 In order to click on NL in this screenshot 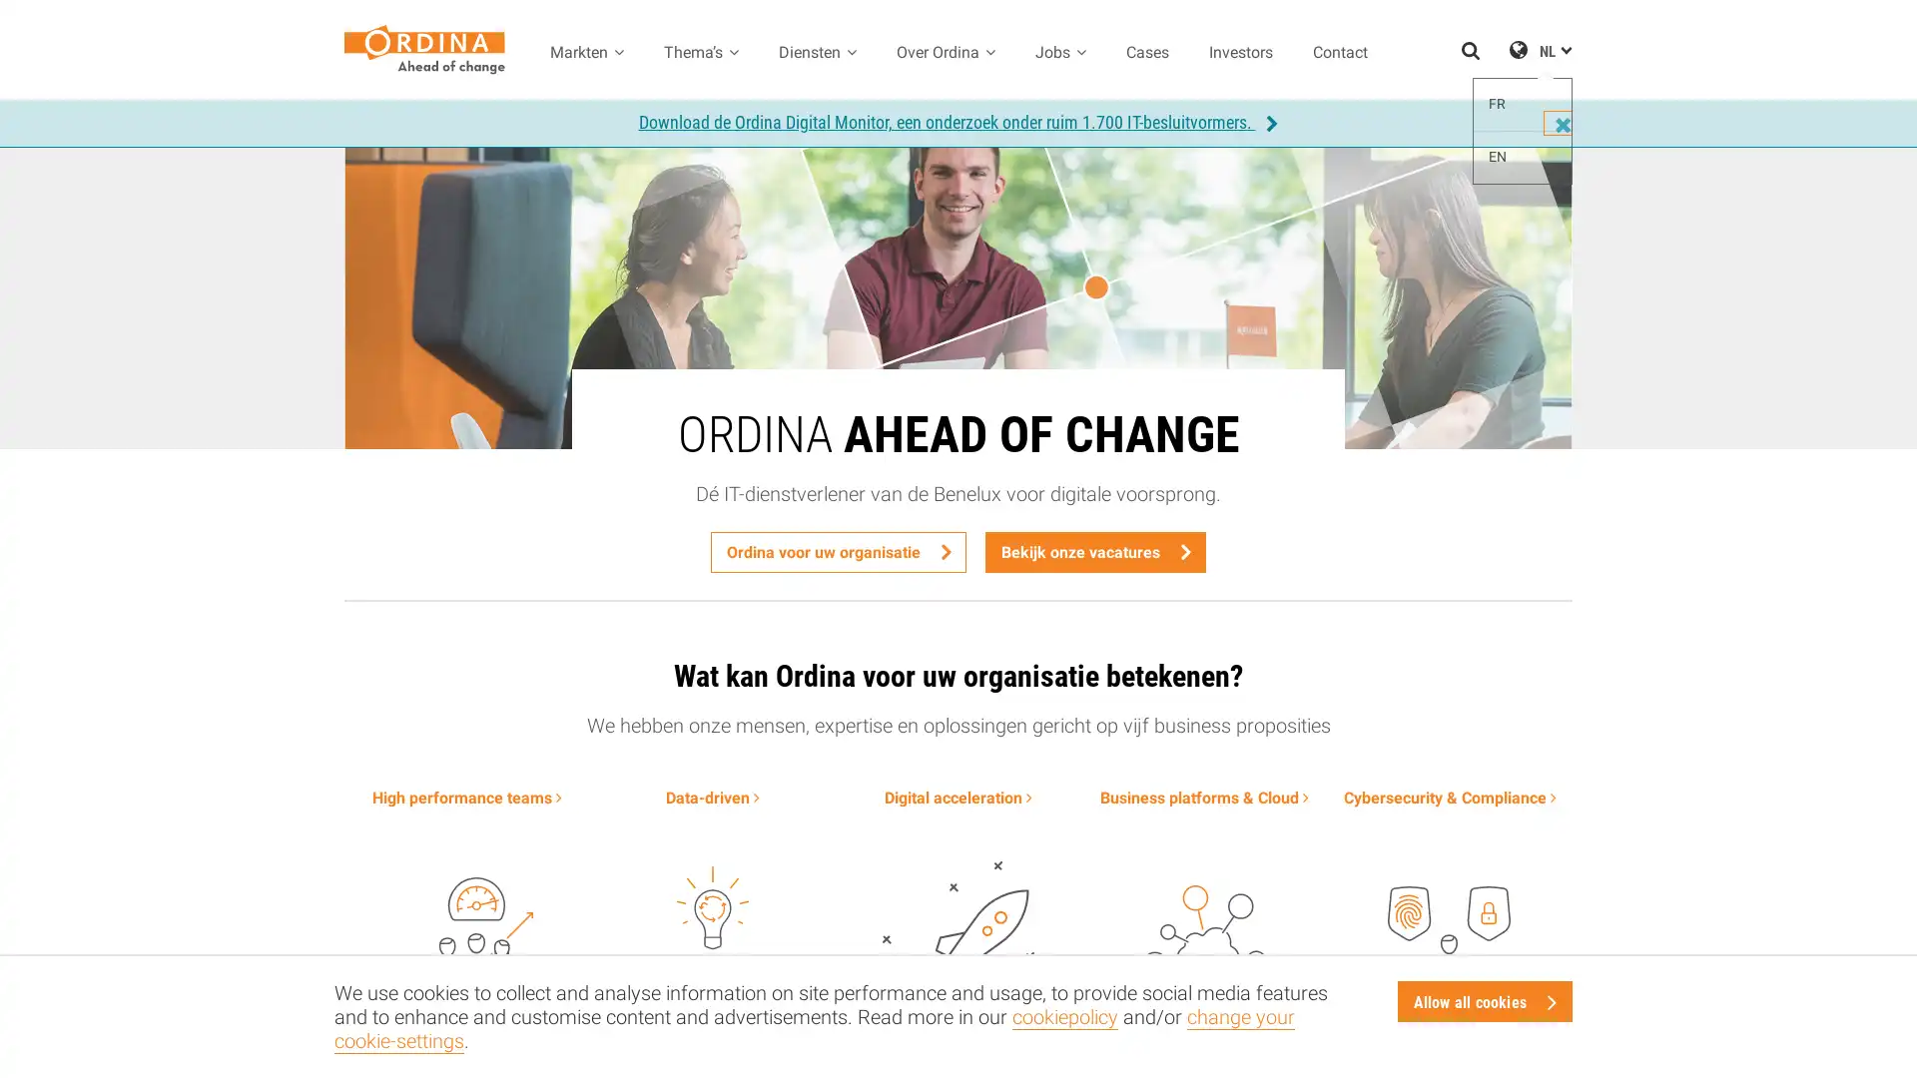, I will do `click(1540, 49)`.